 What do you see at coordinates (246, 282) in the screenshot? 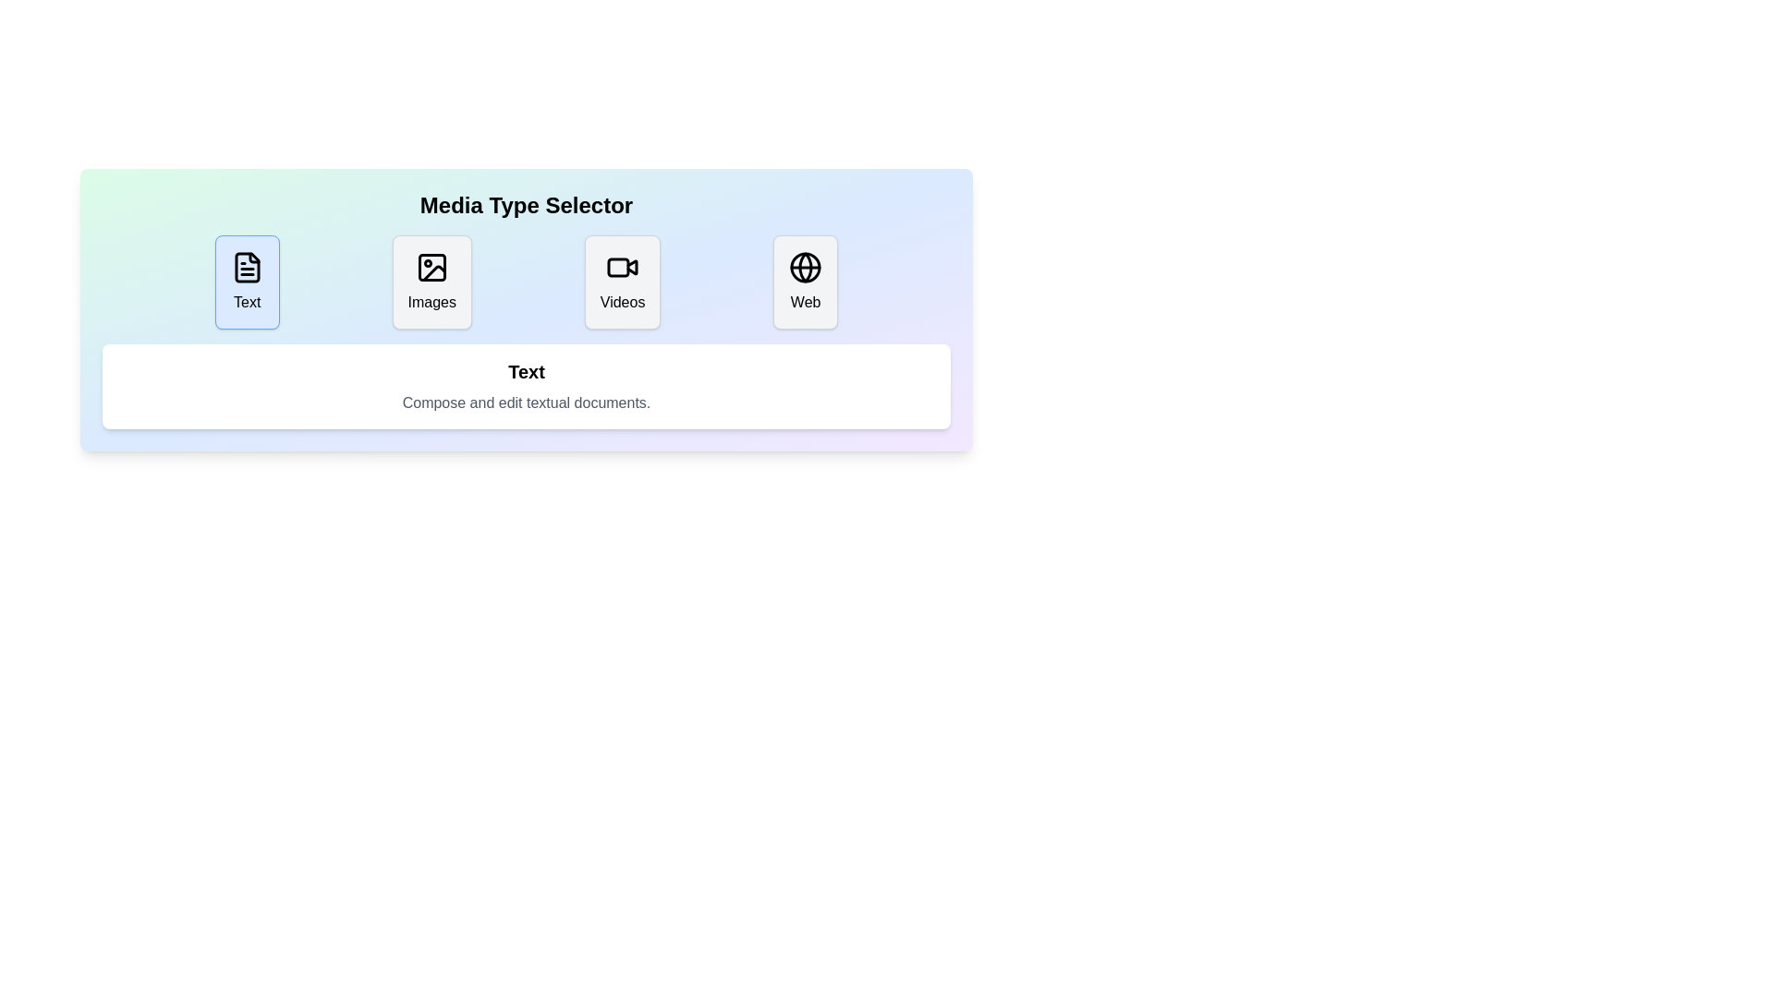
I see `the 'Text' button with a light blue background and dark border under the 'Media Type Selector' heading` at bounding box center [246, 282].